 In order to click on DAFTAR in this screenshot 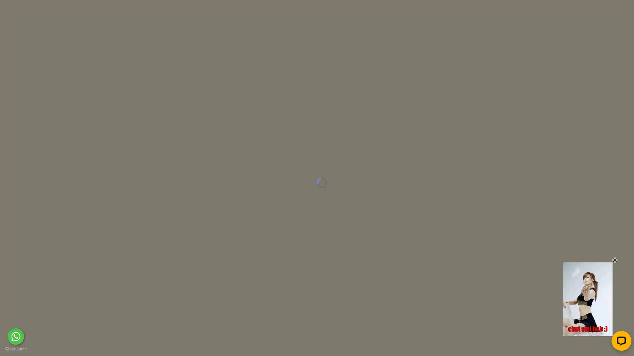, I will do `click(486, 11)`.